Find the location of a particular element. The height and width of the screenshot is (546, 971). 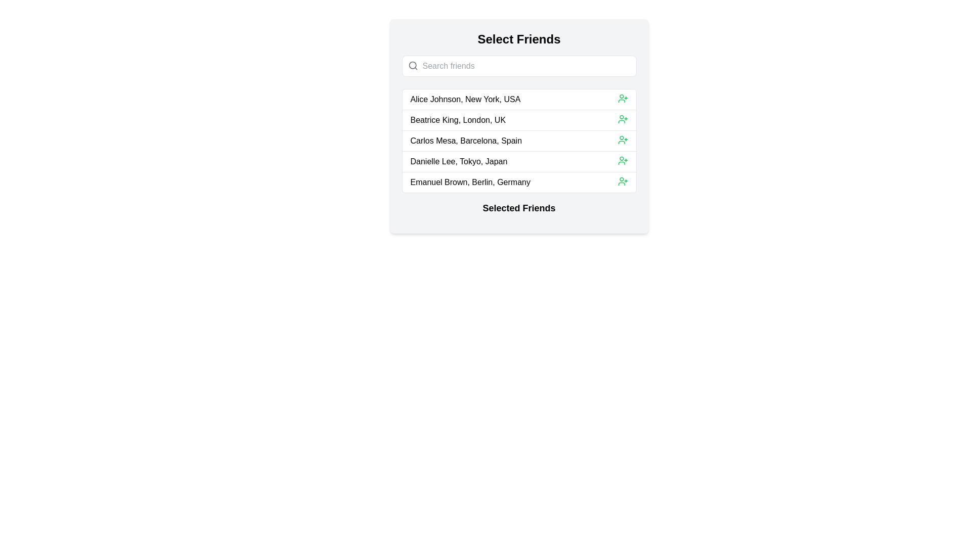

the circular graphical feature located inside the magnifying glass icon in the 'Search friends' placeholder area of the 'Select Friends' panel is located at coordinates (412, 65).